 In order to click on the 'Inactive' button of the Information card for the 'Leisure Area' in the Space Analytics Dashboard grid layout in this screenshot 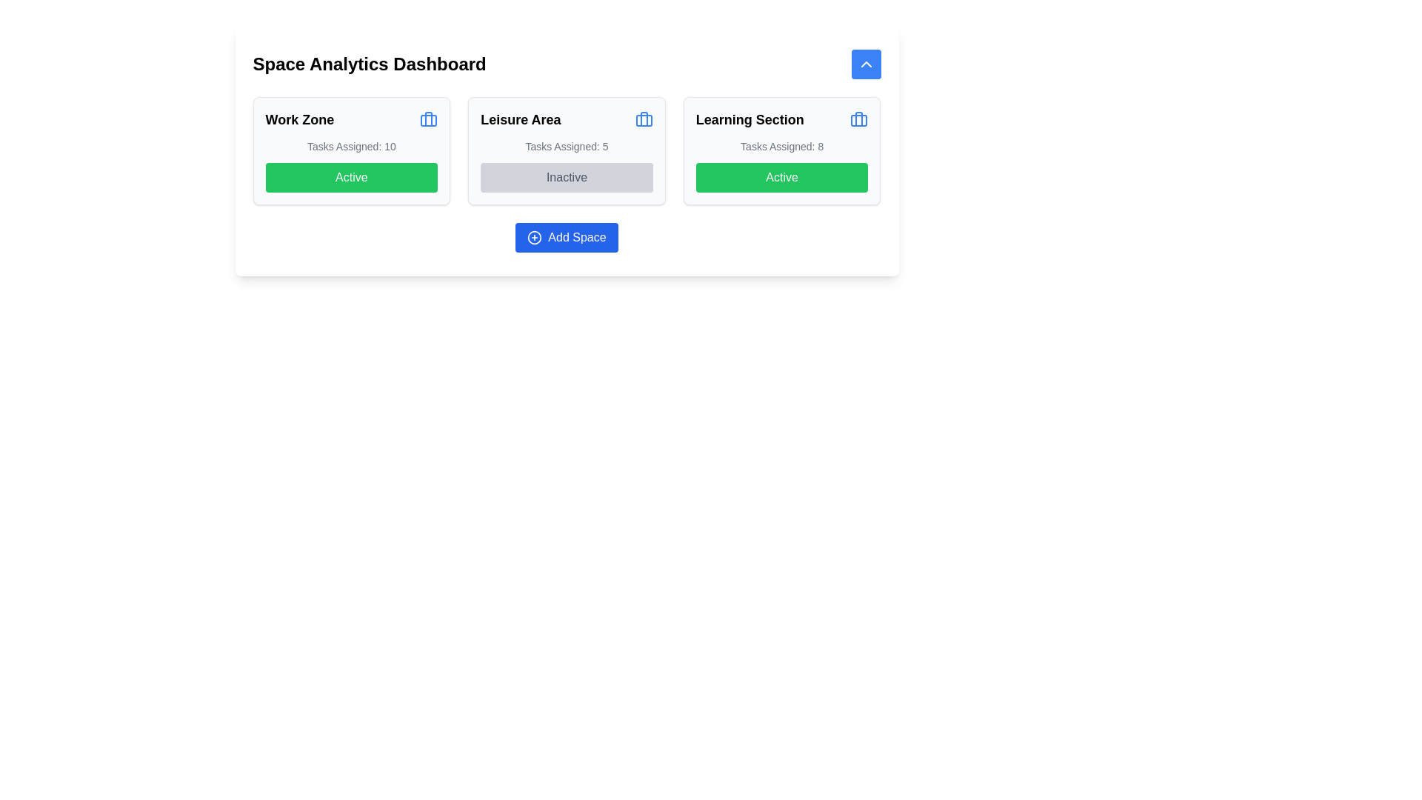, I will do `click(566, 151)`.